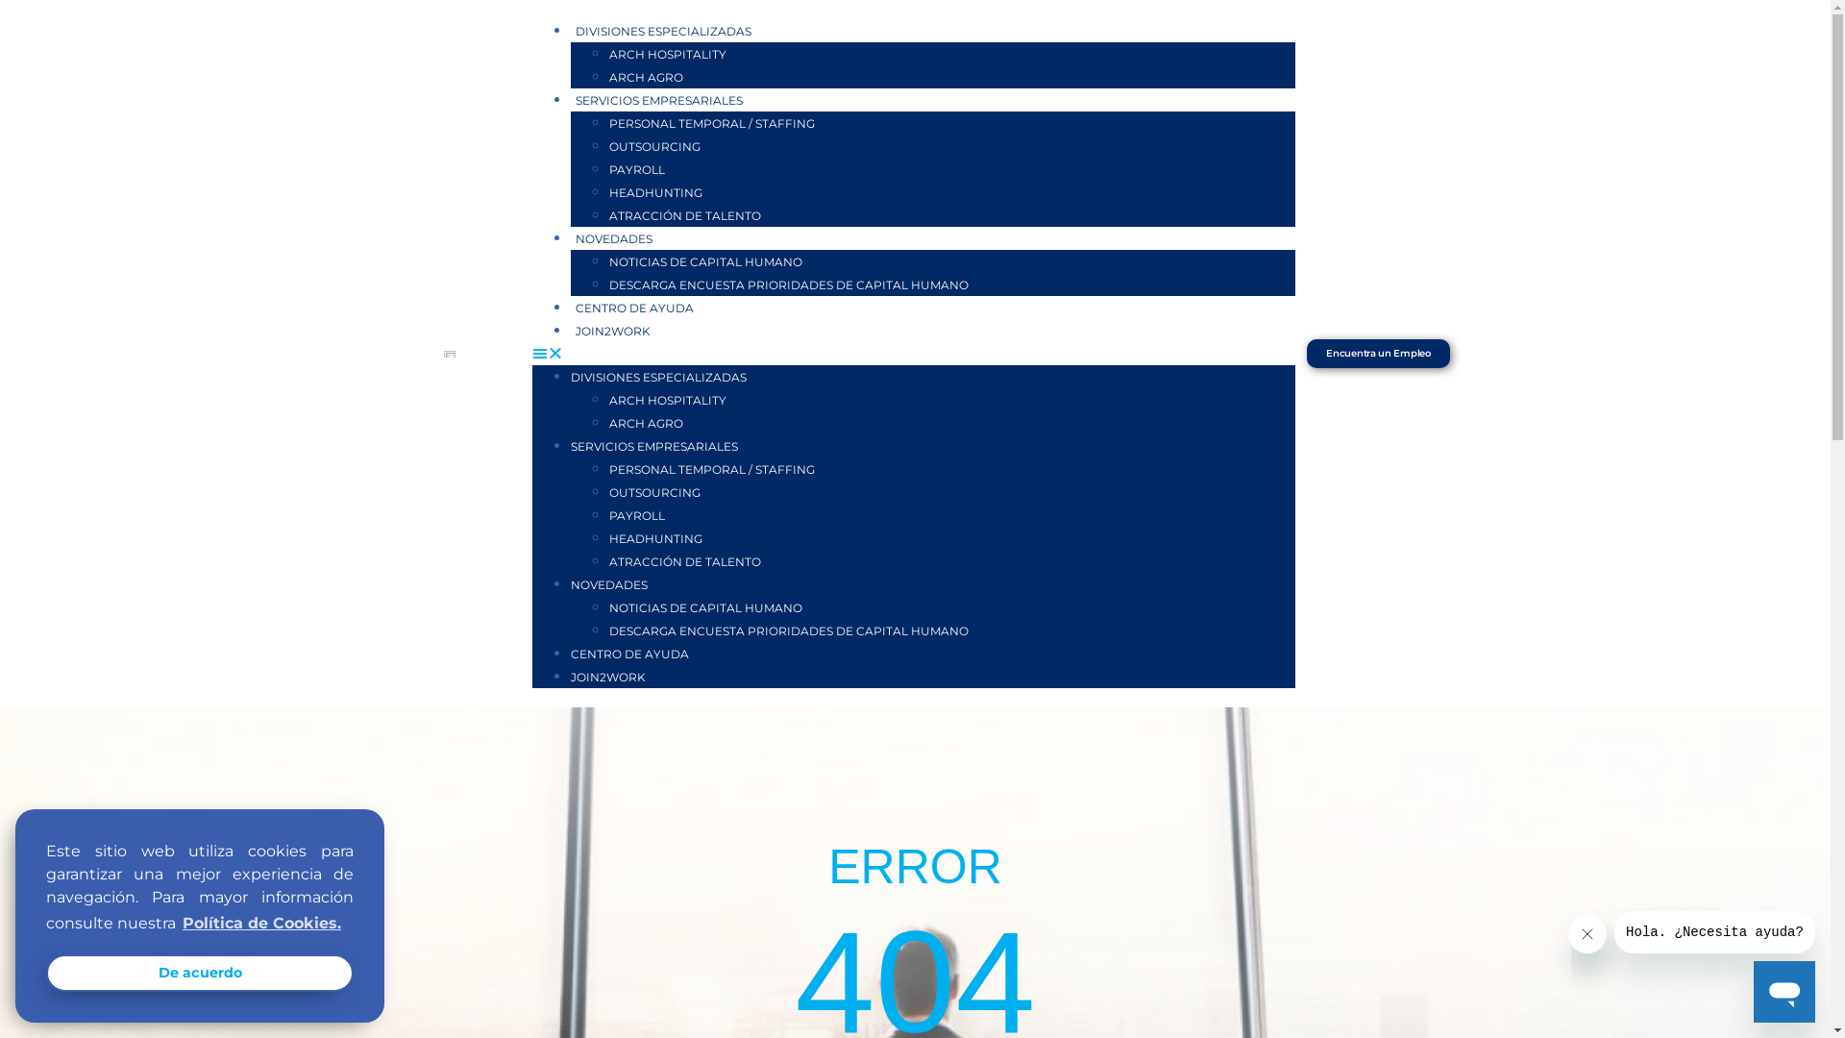  I want to click on 'CENTRO DE AYUDA', so click(634, 307).